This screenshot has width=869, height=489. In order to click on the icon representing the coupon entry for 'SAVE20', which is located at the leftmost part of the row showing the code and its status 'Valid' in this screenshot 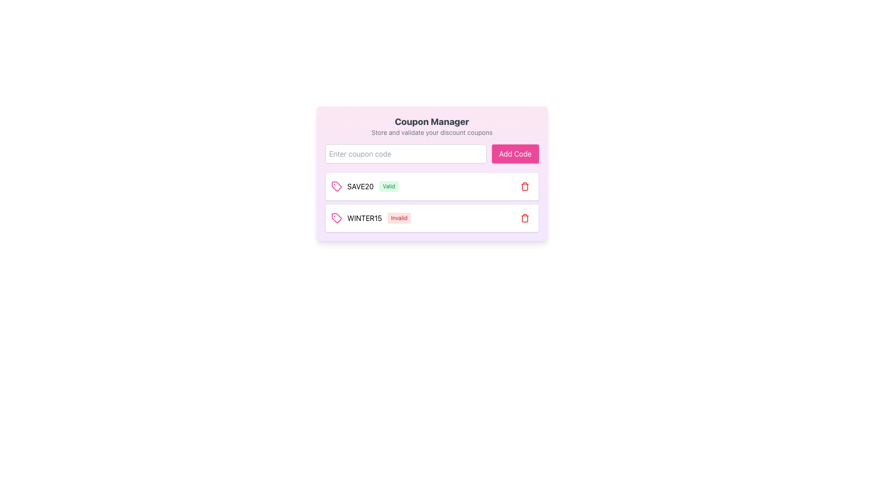, I will do `click(336, 186)`.